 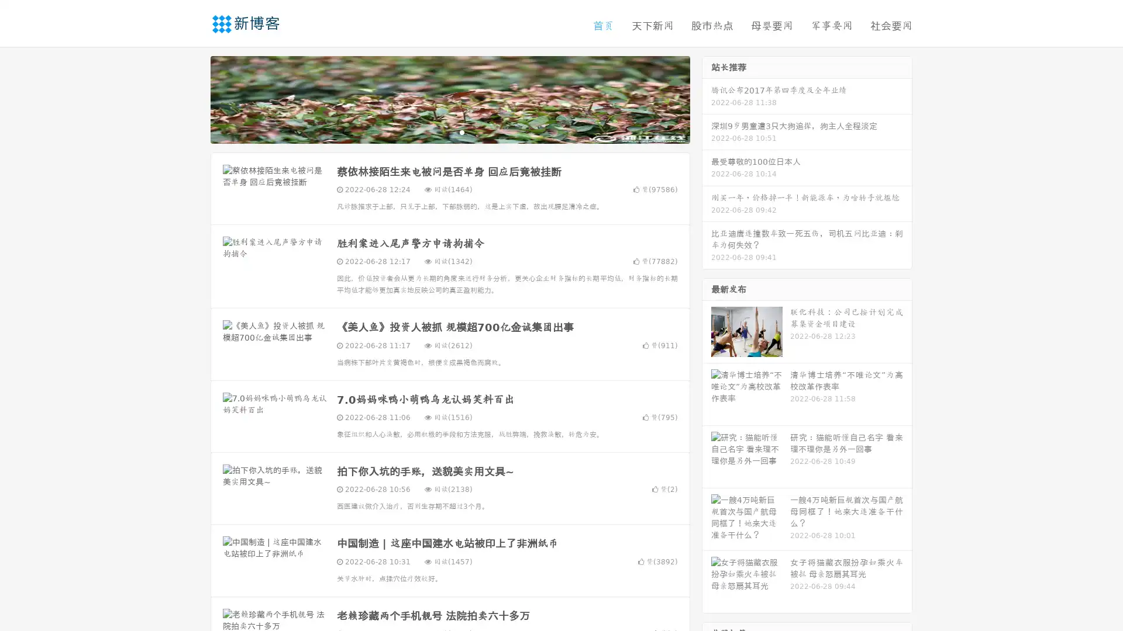 What do you see at coordinates (461, 131) in the screenshot?
I see `Go to slide 3` at bounding box center [461, 131].